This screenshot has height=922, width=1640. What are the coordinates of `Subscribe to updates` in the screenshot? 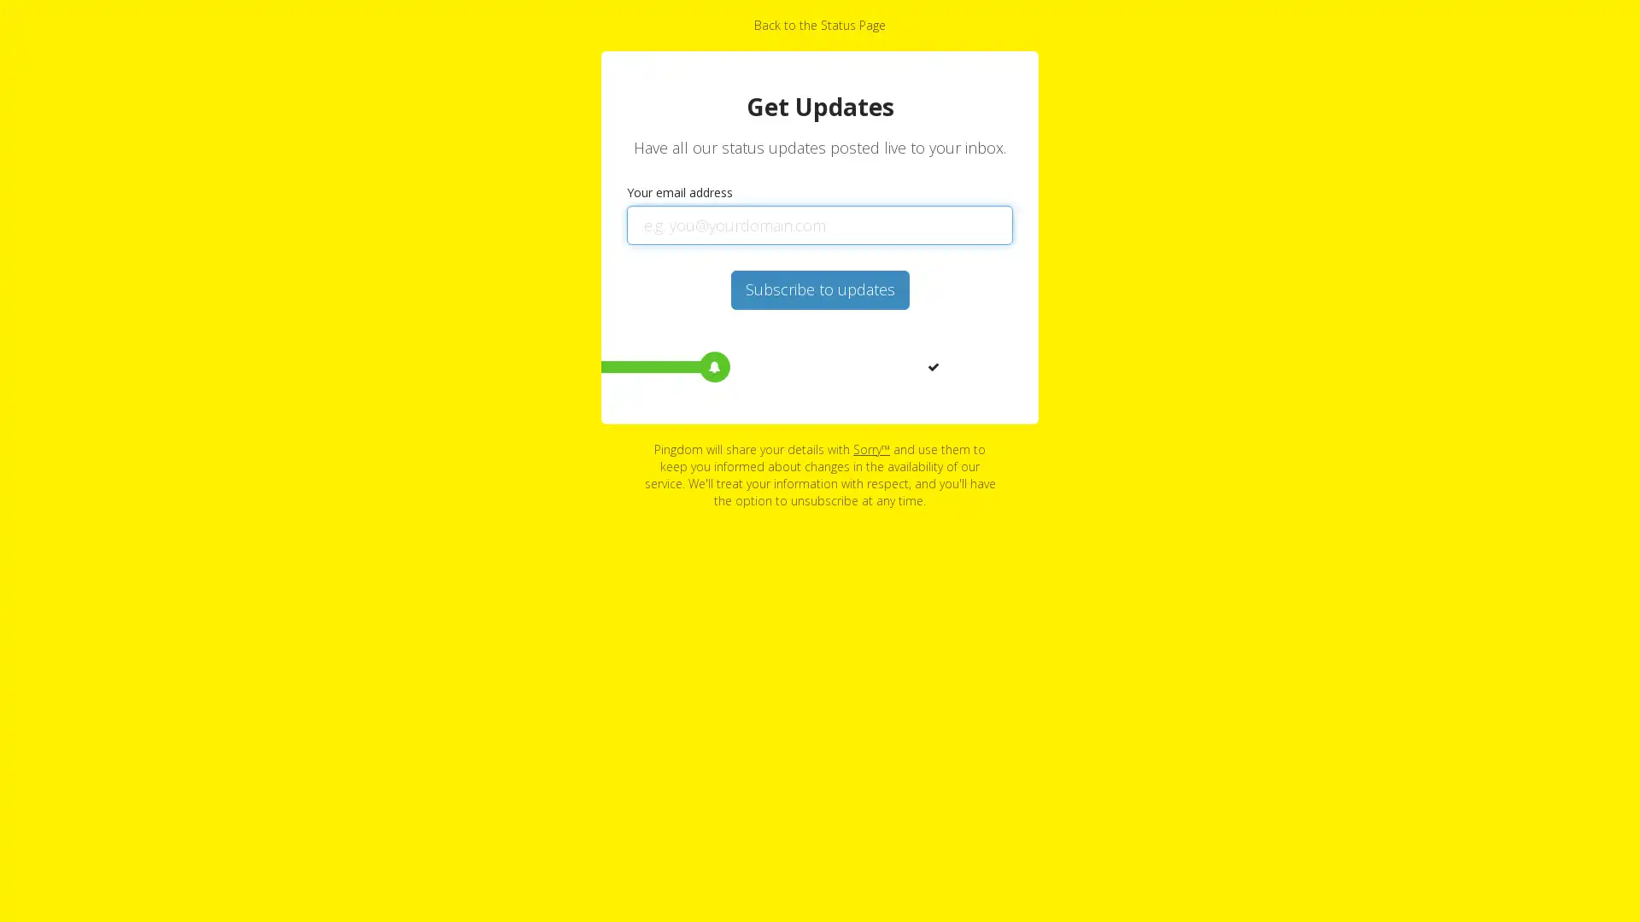 It's located at (818, 289).